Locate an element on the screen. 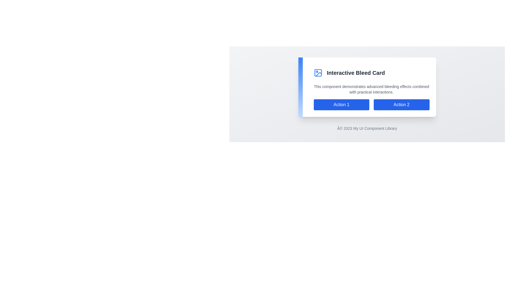 The height and width of the screenshot is (297, 528). the 'Interactive Bleed Card' header element at the top of the card component for interaction is located at coordinates (371, 74).